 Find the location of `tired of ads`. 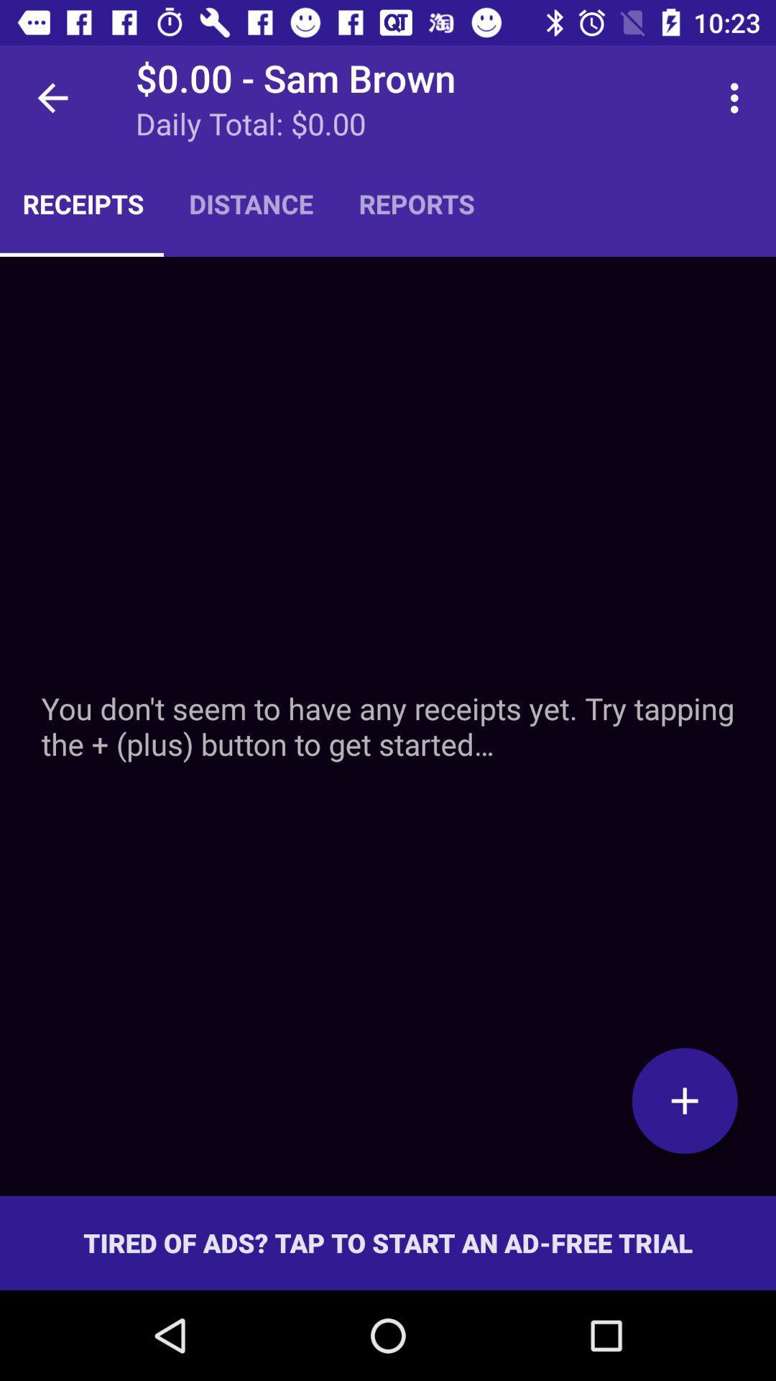

tired of ads is located at coordinates (388, 1242).